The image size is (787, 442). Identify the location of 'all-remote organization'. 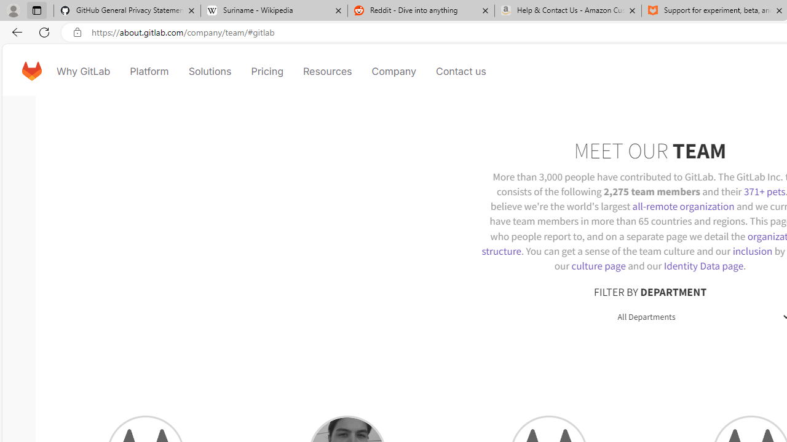
(682, 206).